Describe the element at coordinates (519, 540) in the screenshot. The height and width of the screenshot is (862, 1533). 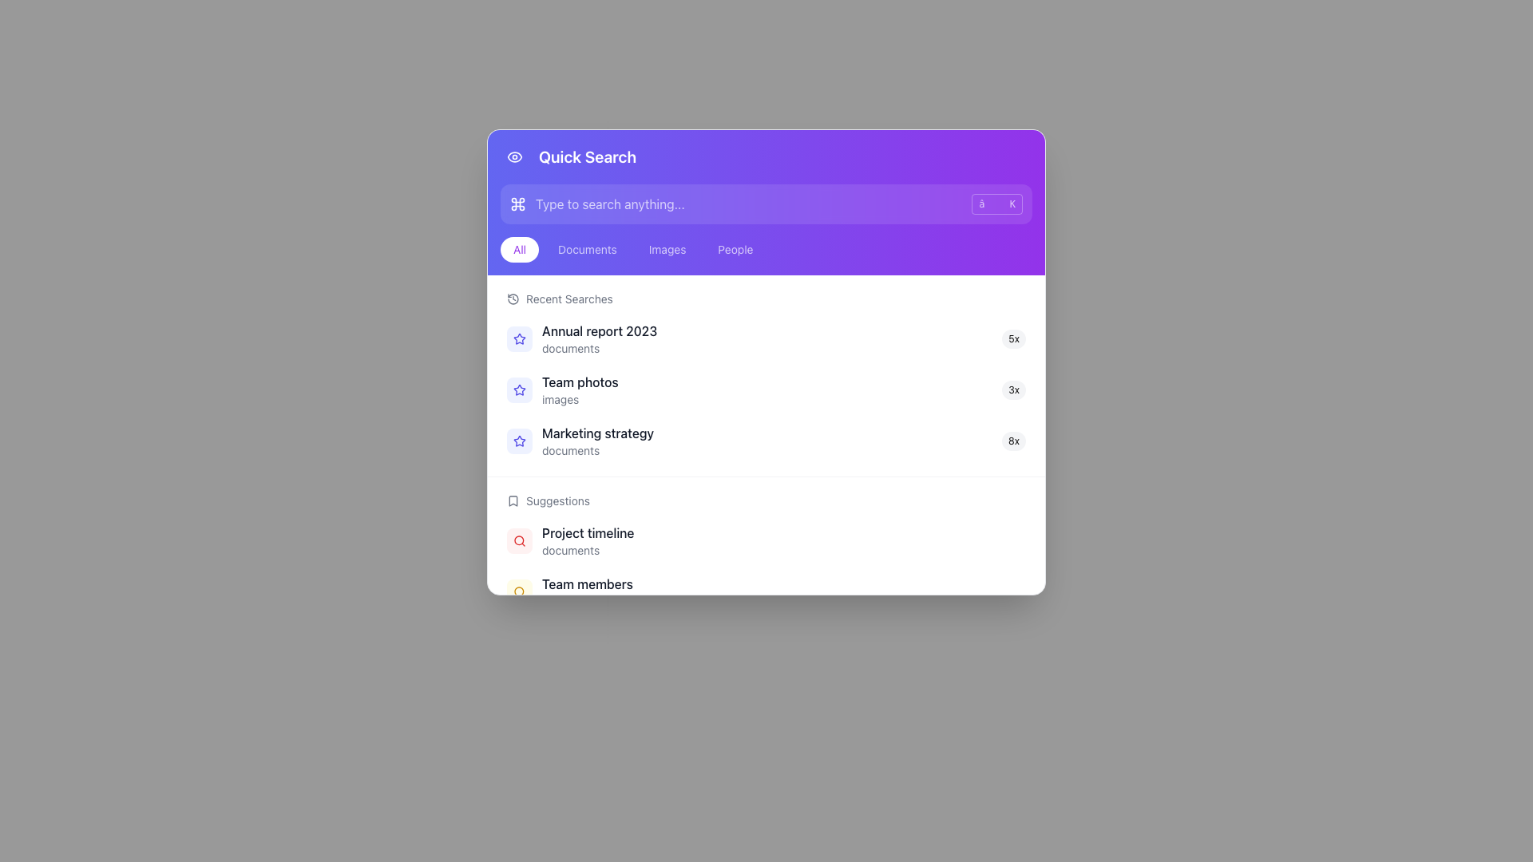
I see `the inner circular part of the search icon, which is a graphic element that likely serves as a button or indicator` at that location.